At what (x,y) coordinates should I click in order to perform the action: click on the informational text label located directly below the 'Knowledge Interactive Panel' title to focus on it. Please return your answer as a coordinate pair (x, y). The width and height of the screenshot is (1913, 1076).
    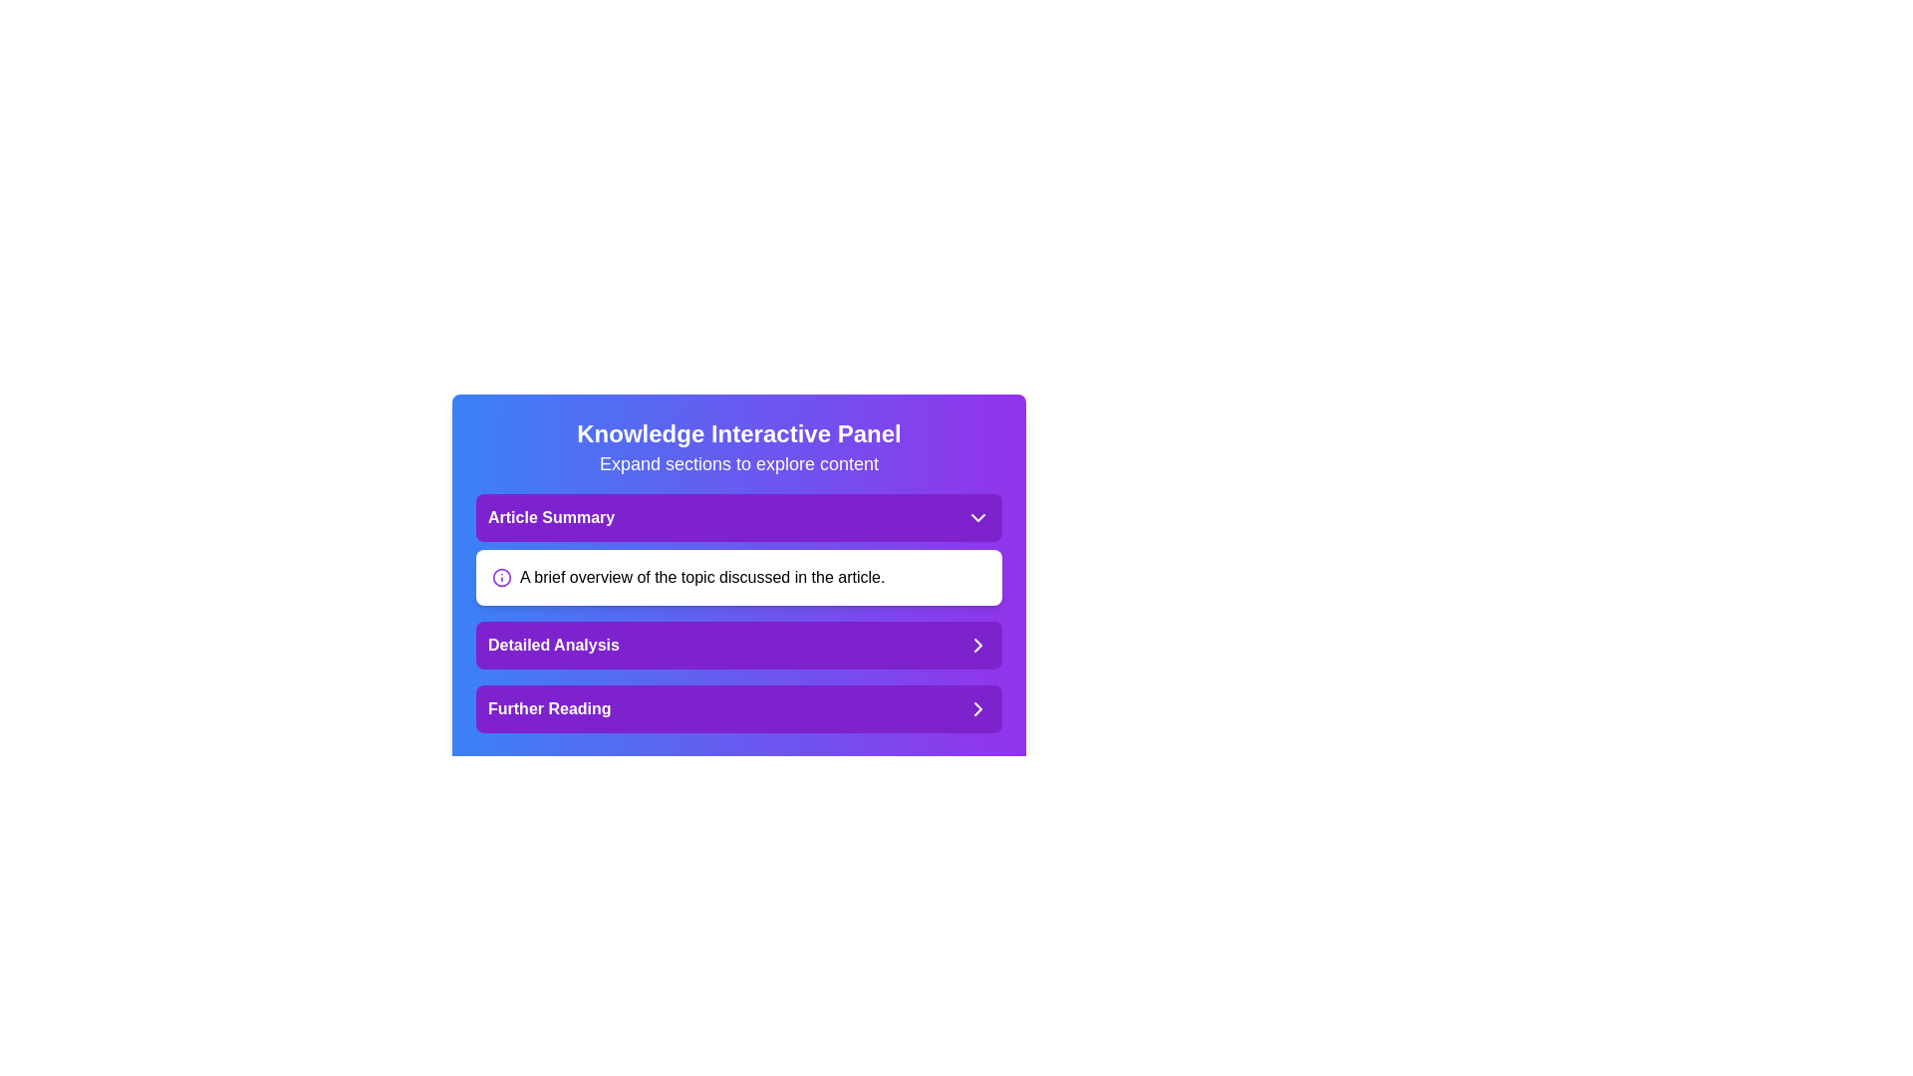
    Looking at the image, I should click on (738, 464).